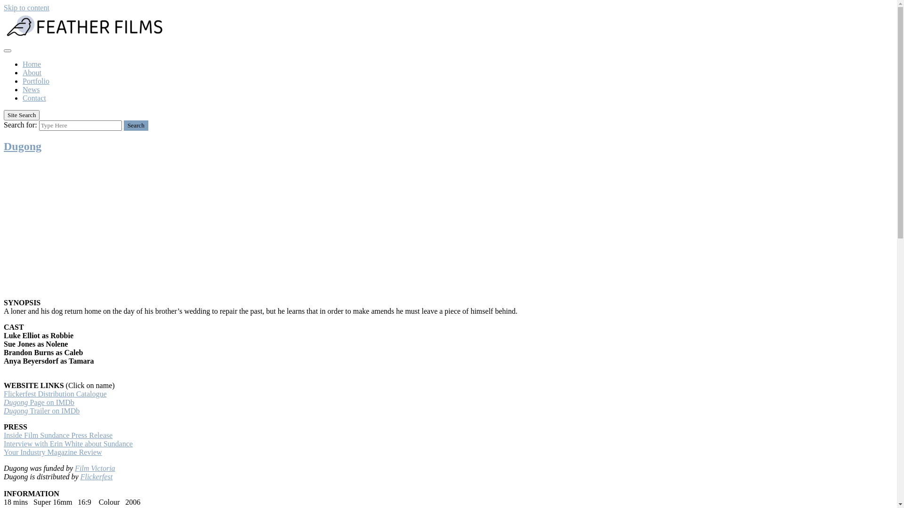  I want to click on 'Dugong Page on IMDb', so click(38, 402).